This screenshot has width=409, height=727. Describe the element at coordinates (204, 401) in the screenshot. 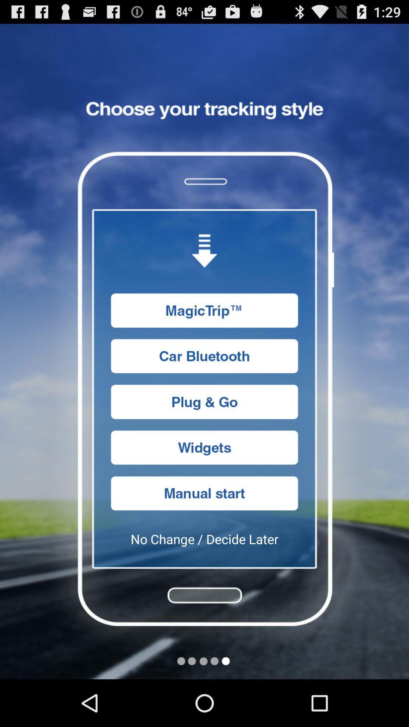

I see `plug and go` at that location.